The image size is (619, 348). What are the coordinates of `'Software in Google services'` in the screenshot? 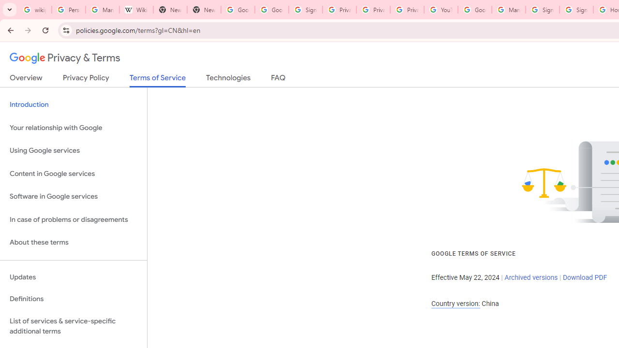 It's located at (73, 196).